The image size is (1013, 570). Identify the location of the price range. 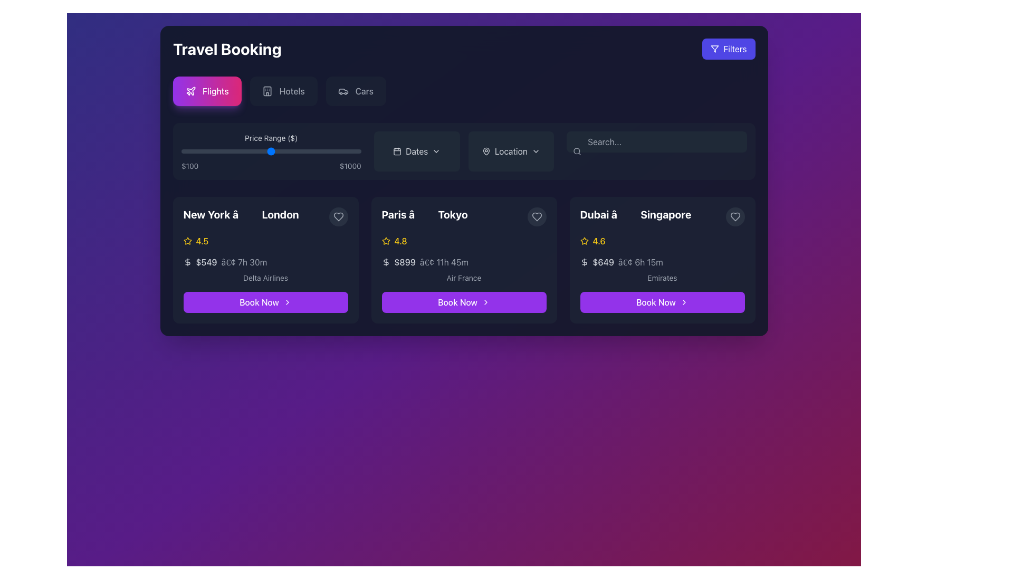
(283, 151).